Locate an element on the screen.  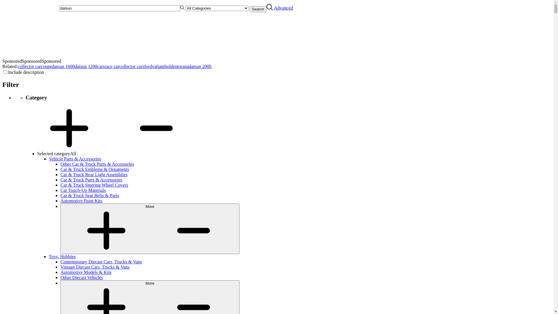
'datsun 1600' is located at coordinates (63, 66).